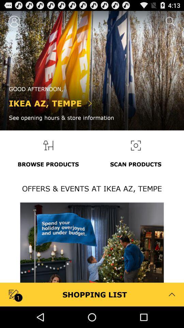  What do you see at coordinates (14, 294) in the screenshot?
I see `edit icon at bottom left side of the page` at bounding box center [14, 294].